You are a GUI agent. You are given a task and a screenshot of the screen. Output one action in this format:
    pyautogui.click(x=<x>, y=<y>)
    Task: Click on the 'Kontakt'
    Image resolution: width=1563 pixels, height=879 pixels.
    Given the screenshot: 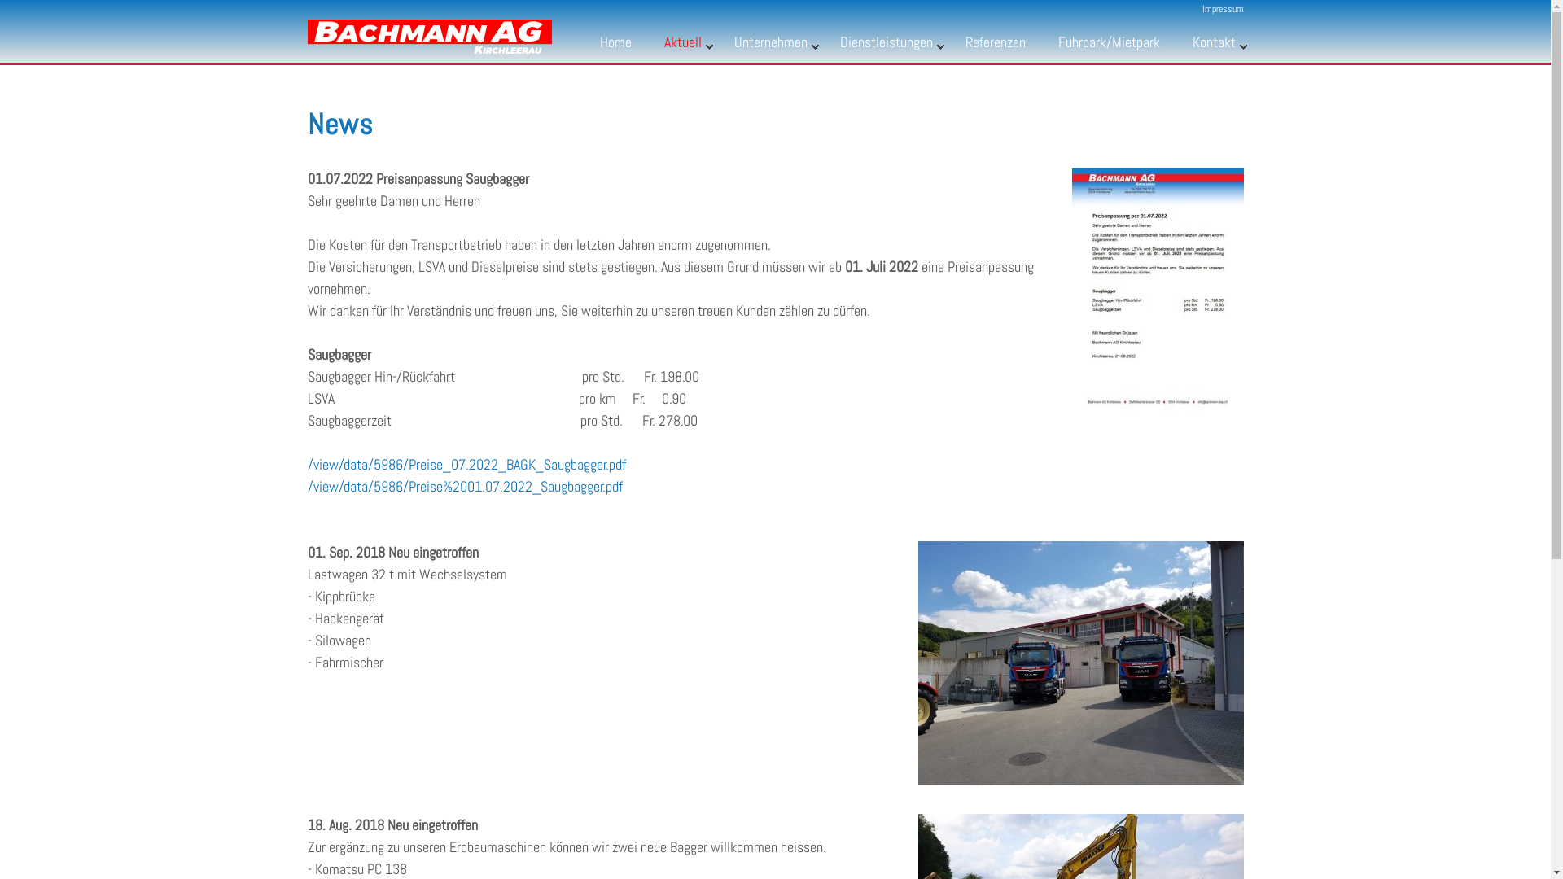 What is the action you would take?
    pyautogui.click(x=1213, y=46)
    